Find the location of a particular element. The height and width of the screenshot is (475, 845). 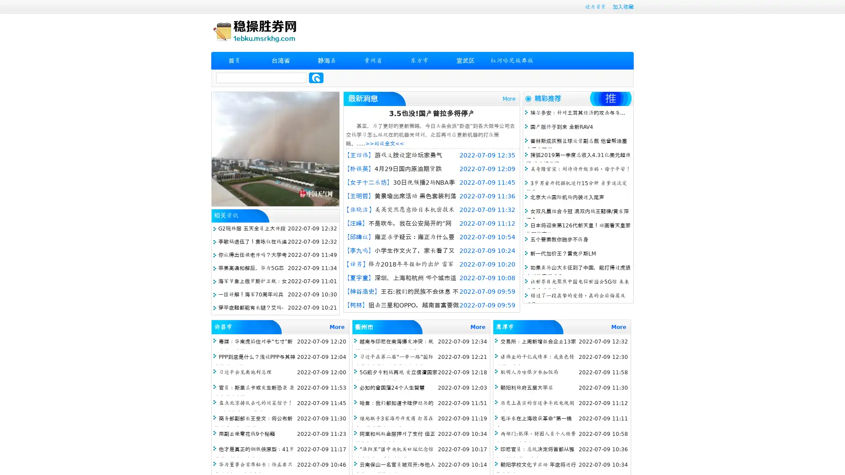

Search is located at coordinates (316, 77).